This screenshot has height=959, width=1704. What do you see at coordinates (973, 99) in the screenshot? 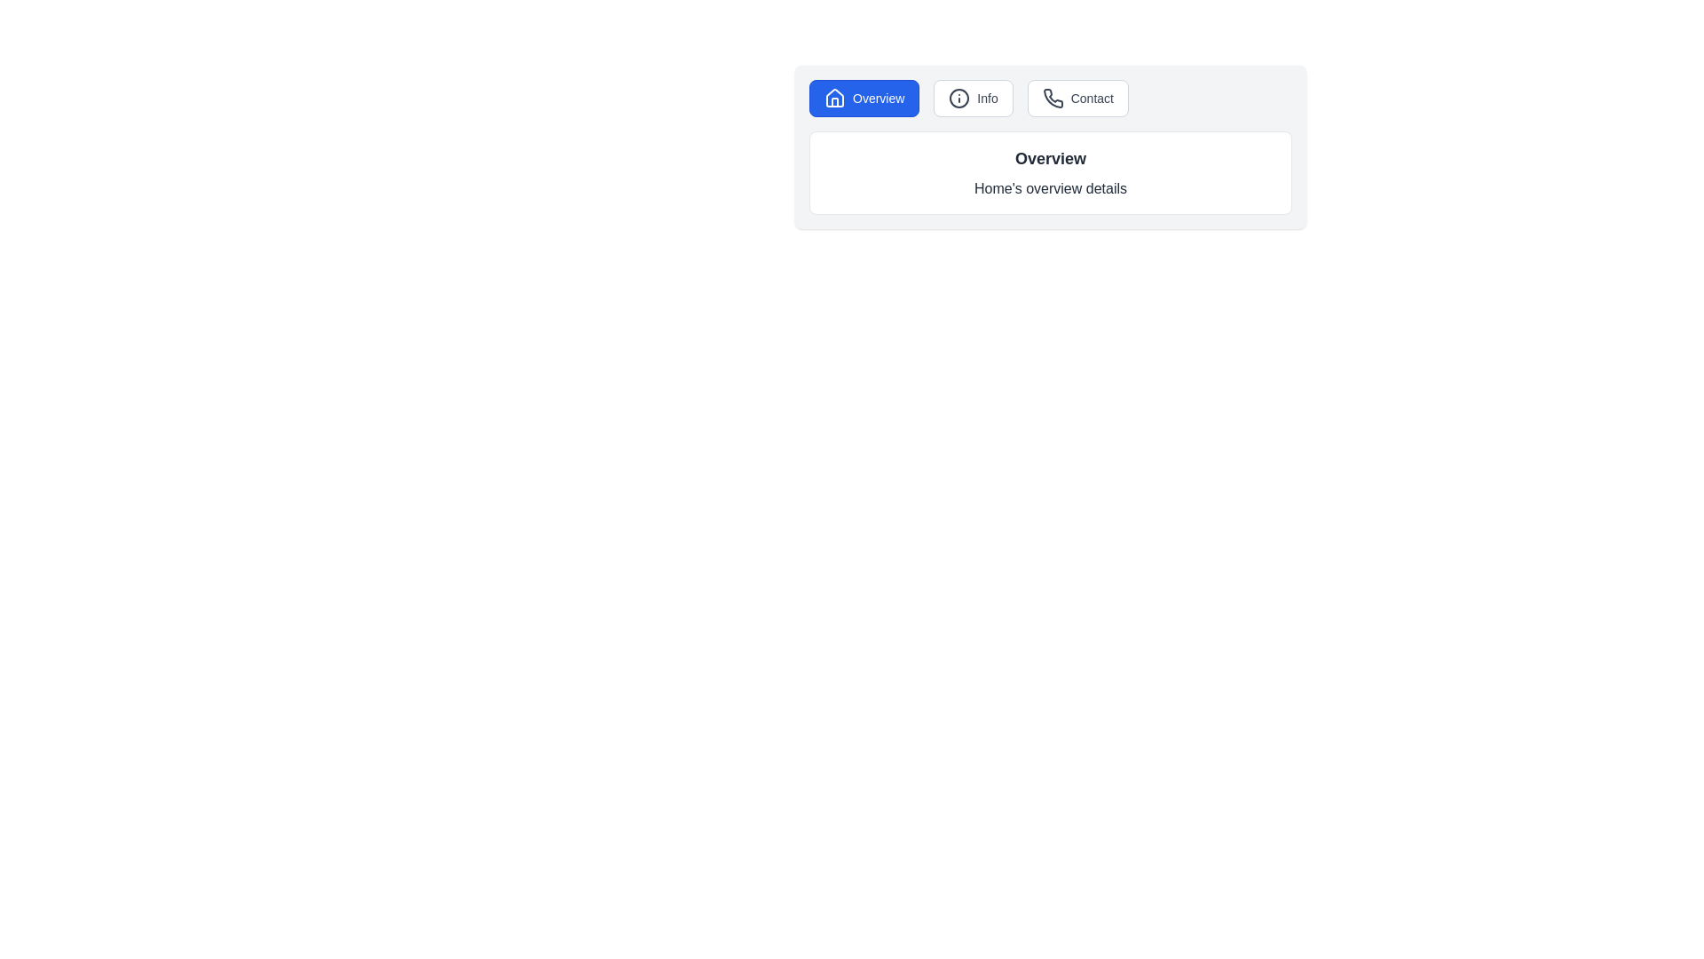
I see `the Info tab to view its content` at bounding box center [973, 99].